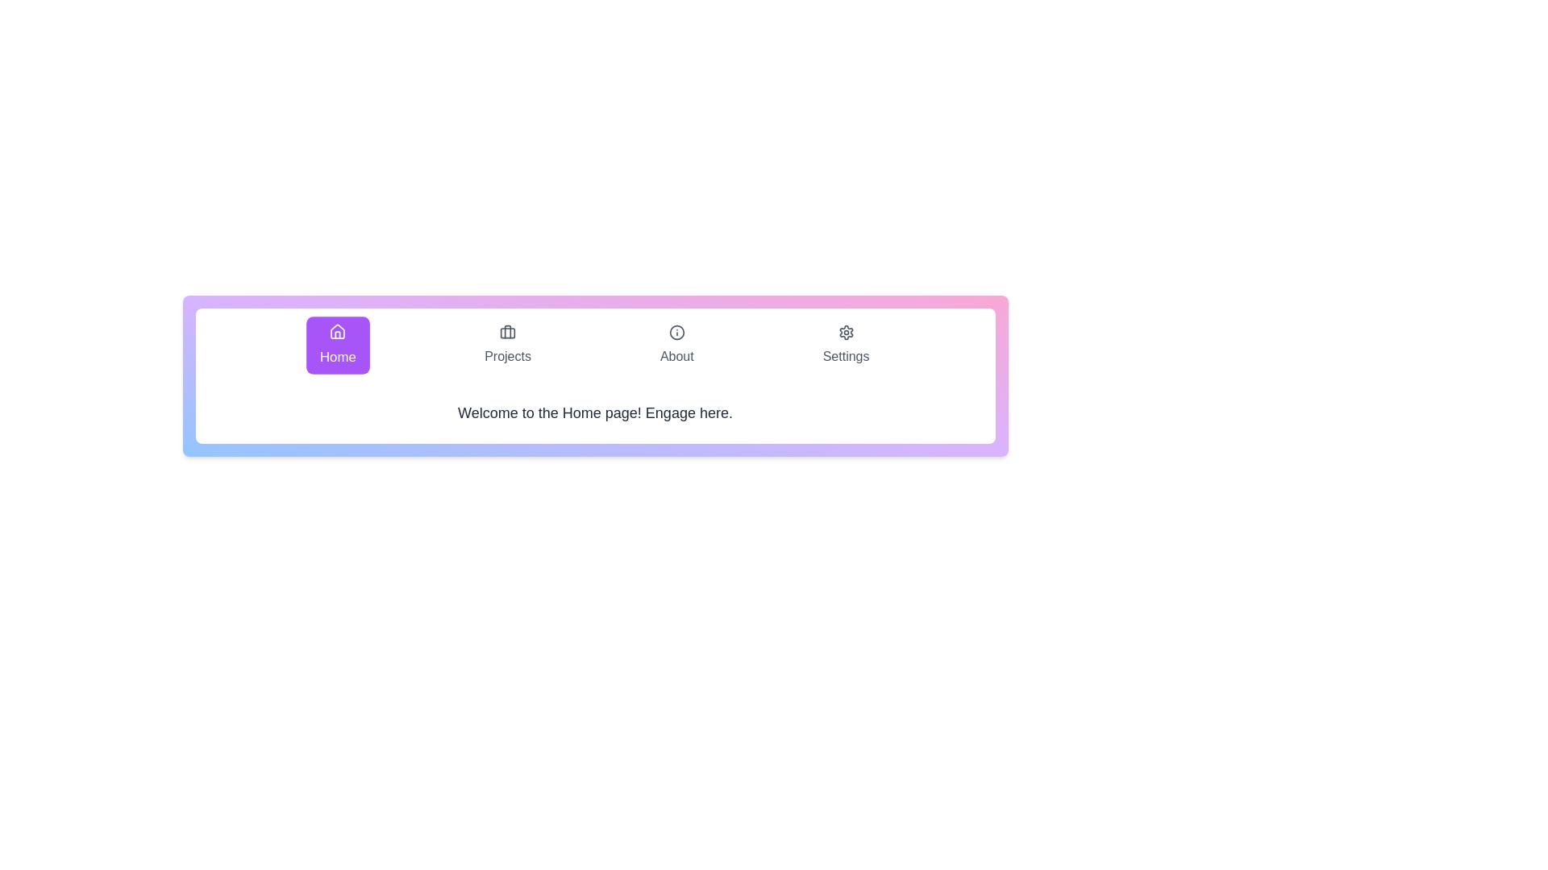  I want to click on the Settings tab by clicking on its button, so click(845, 344).